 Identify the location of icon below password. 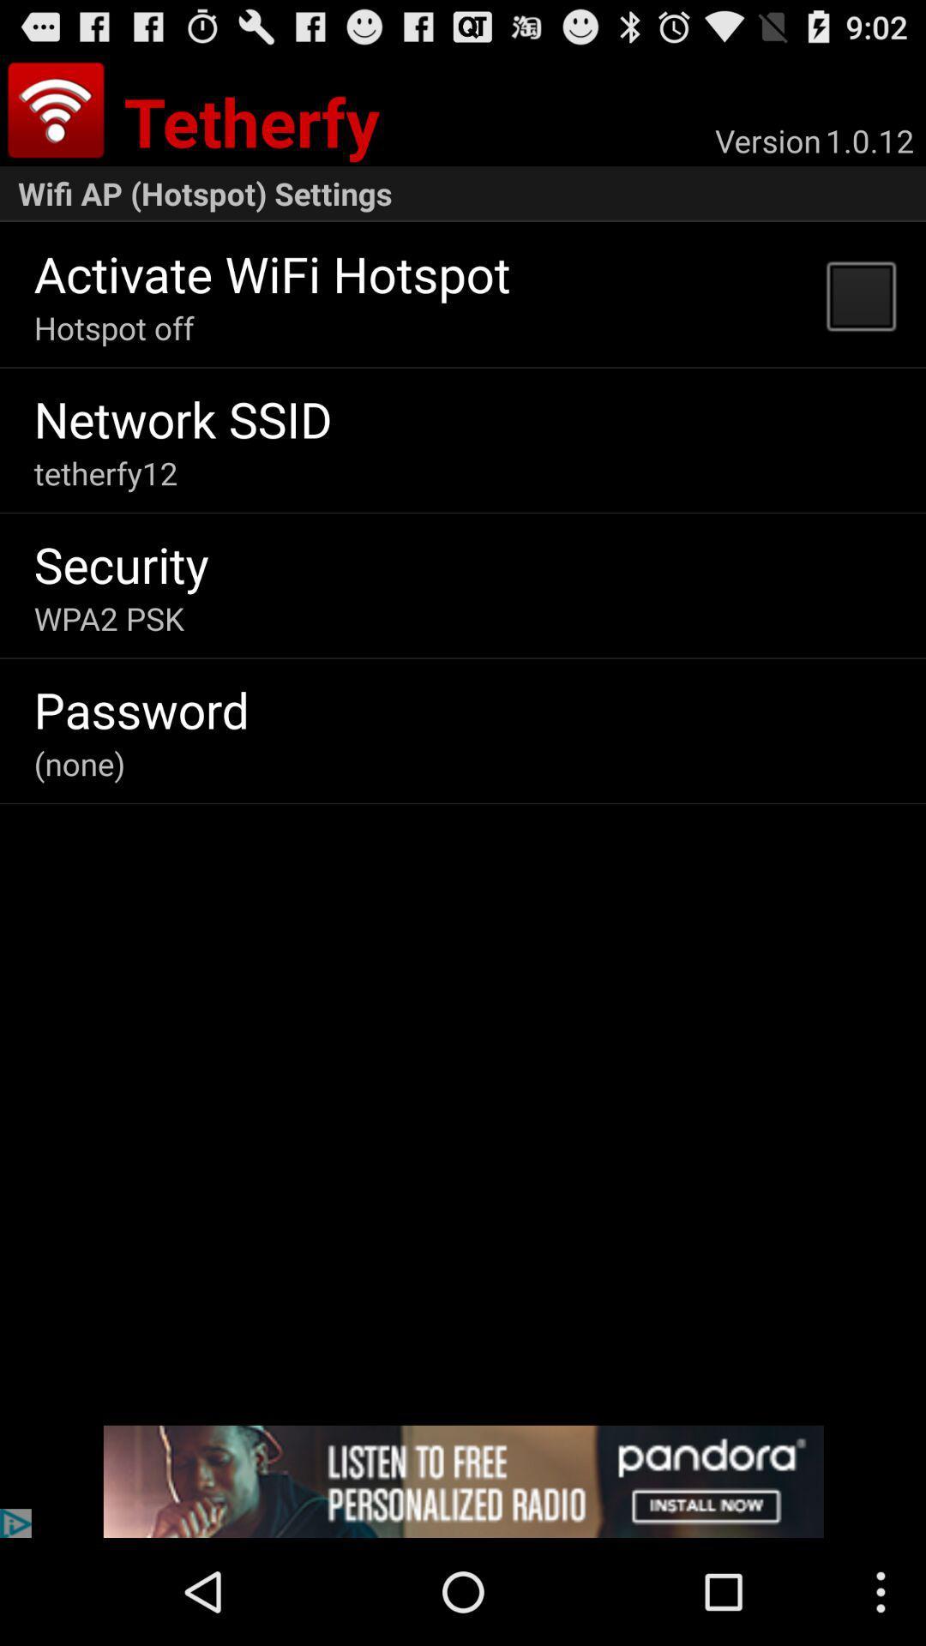
(79, 763).